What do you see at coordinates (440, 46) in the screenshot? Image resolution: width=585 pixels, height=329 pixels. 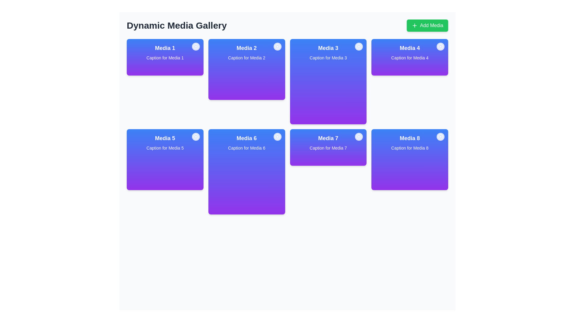 I see `the rounded button located at the top-right corner of the 'Media 4' card` at bounding box center [440, 46].